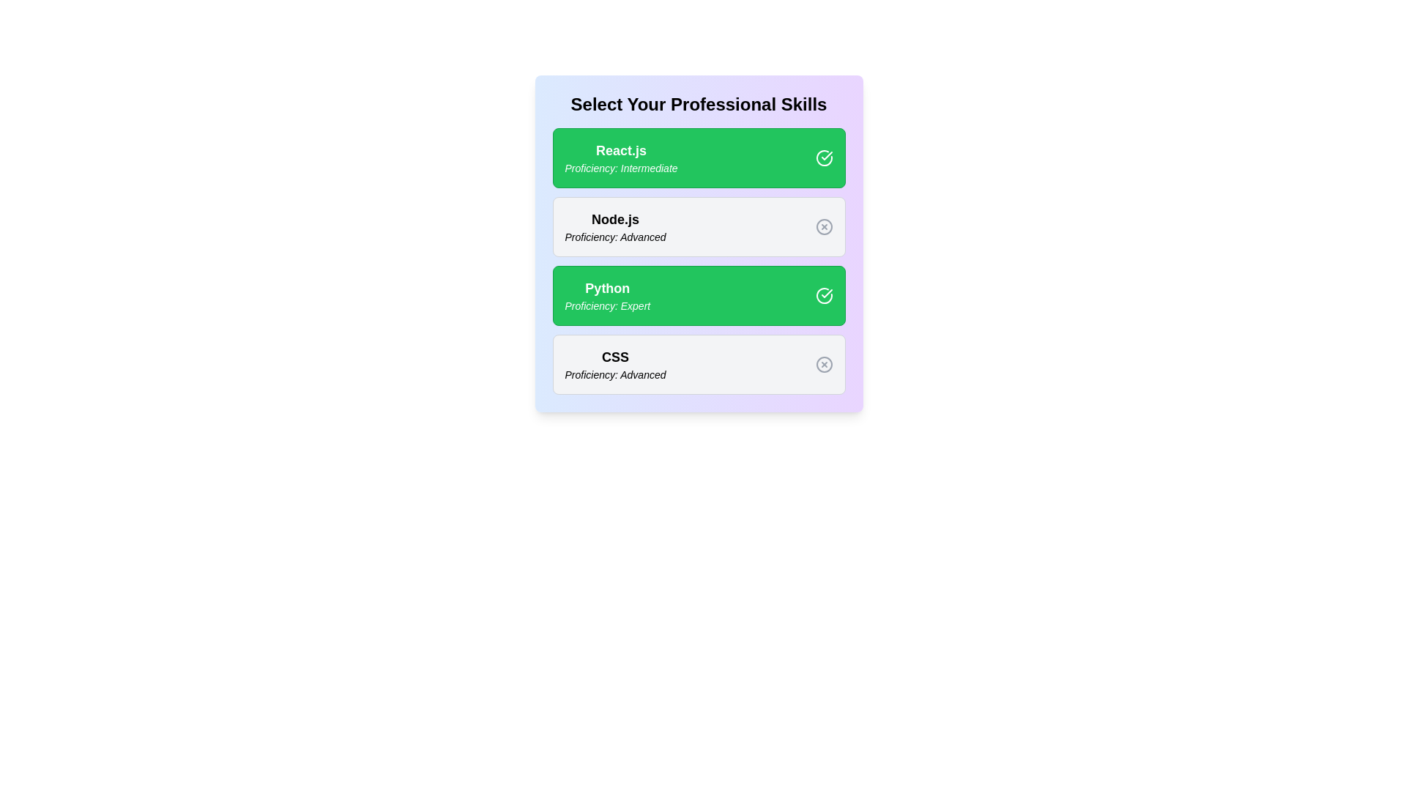 The image size is (1406, 791). Describe the element at coordinates (698, 158) in the screenshot. I see `the skill card for React.js` at that location.